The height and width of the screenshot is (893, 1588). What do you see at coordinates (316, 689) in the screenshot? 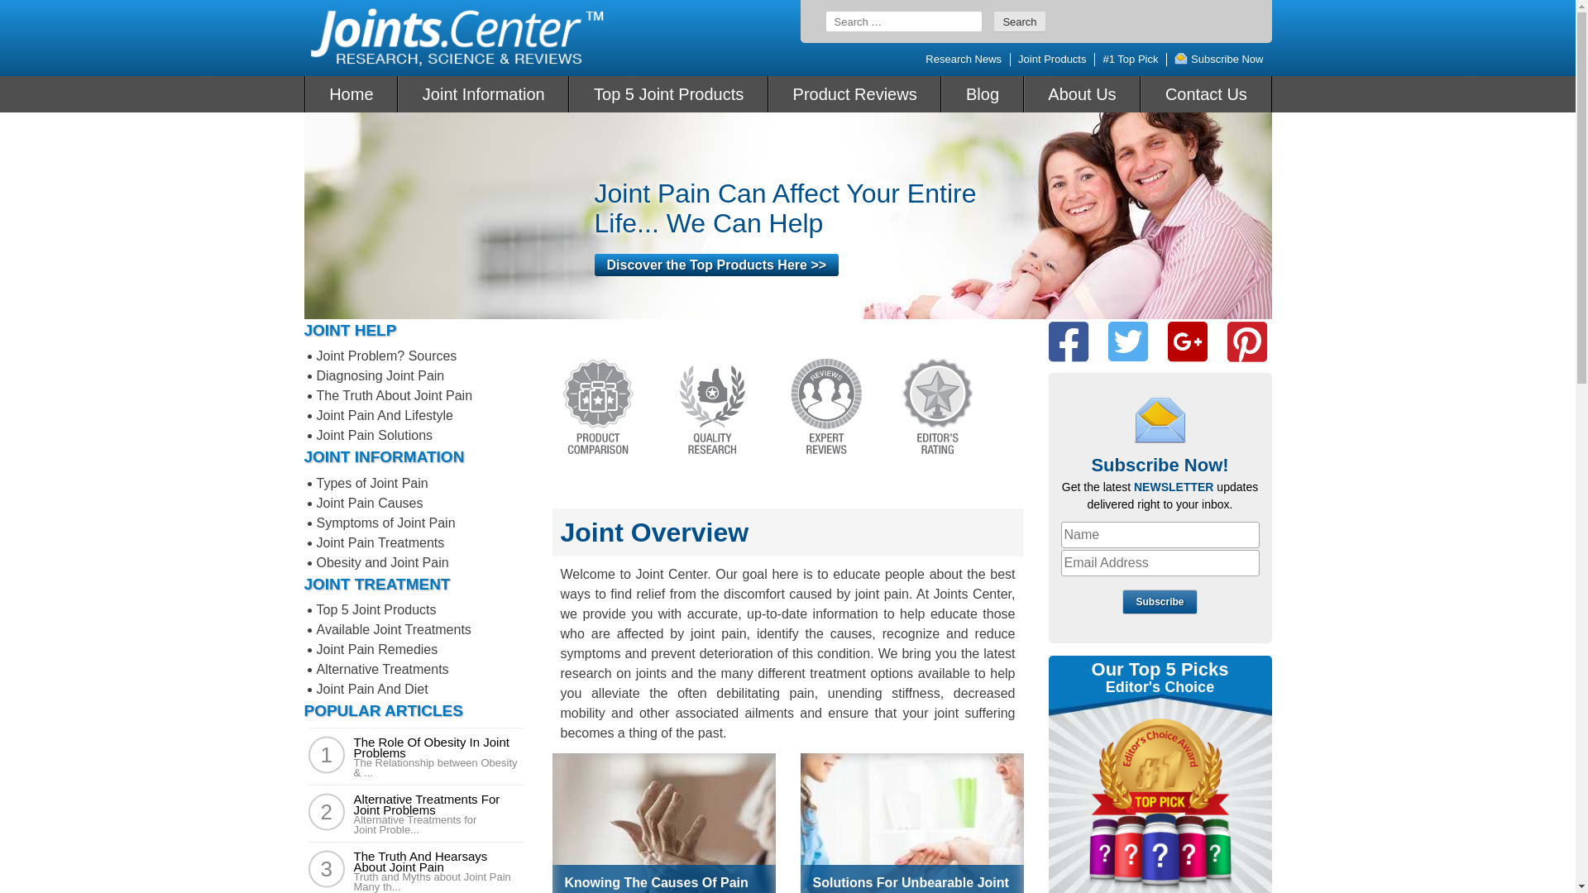
I see `'Joint Pain And Diet'` at bounding box center [316, 689].